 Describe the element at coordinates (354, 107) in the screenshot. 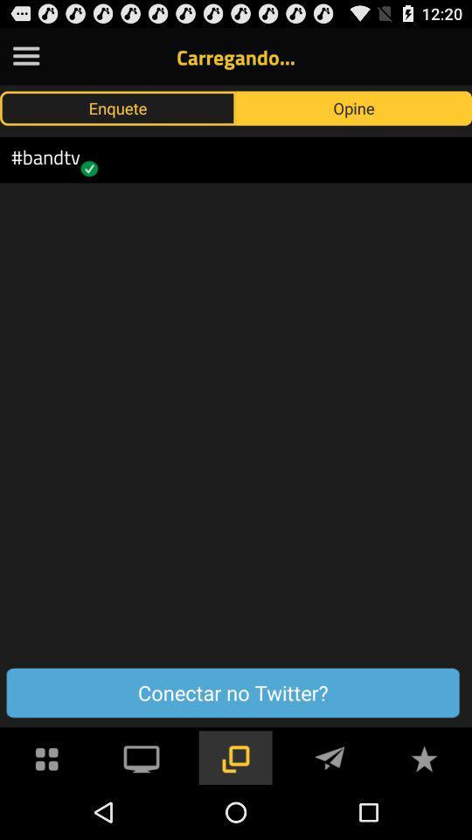

I see `opine icon` at that location.